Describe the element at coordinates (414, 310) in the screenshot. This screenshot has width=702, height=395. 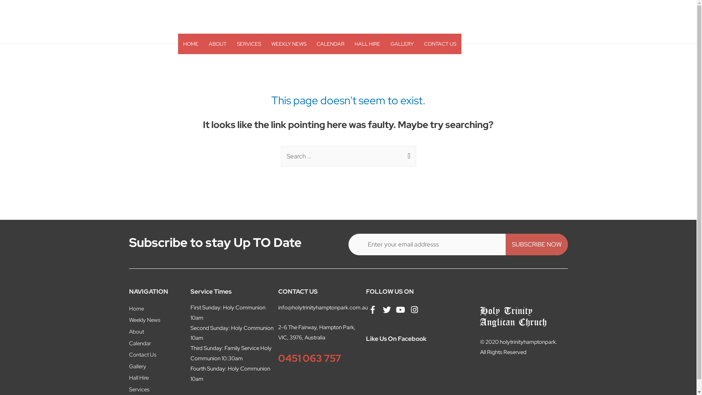
I see `'Instagram'` at that location.